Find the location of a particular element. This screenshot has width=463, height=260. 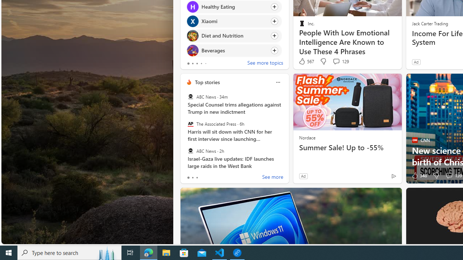

'tab-4' is located at coordinates (205, 63).